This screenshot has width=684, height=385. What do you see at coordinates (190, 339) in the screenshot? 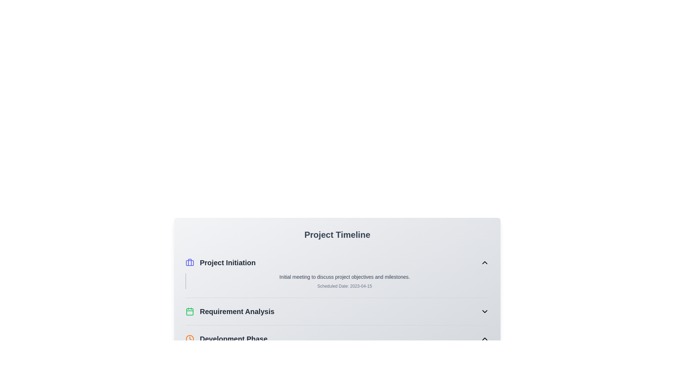
I see `the graphical icon (circle) that symbolizes time-related actions, located near the 'Development Phase' label in the project's detailed timeline interface` at bounding box center [190, 339].